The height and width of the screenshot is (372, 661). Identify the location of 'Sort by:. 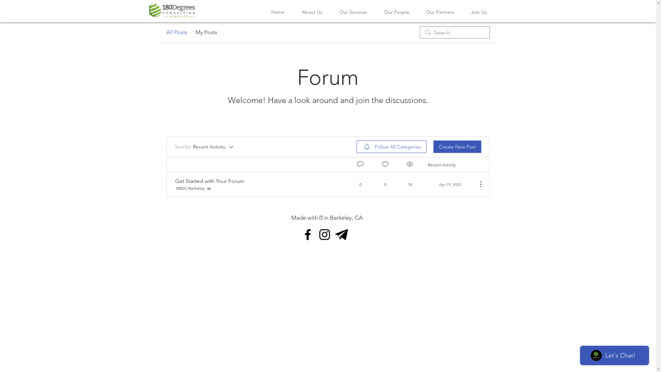
(204, 146).